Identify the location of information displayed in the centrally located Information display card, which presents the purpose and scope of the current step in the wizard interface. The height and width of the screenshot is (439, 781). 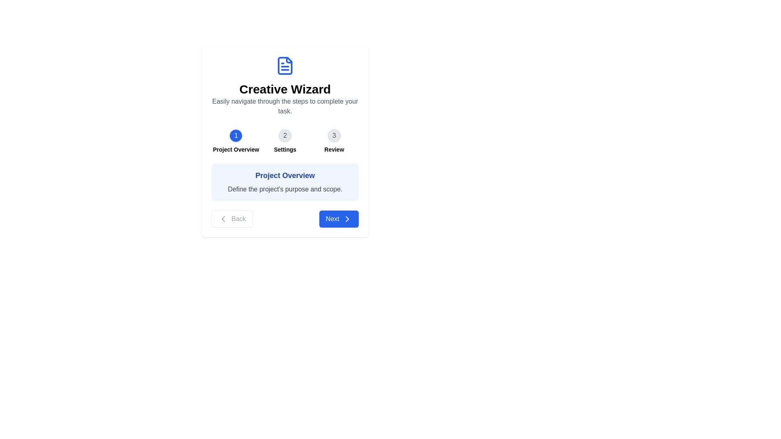
(285, 181).